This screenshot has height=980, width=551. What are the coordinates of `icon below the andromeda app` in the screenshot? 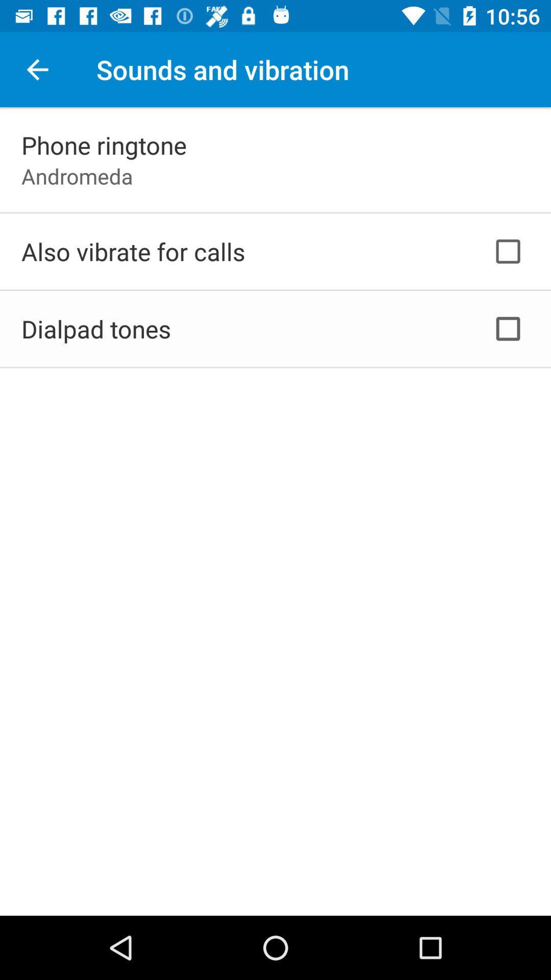 It's located at (133, 251).